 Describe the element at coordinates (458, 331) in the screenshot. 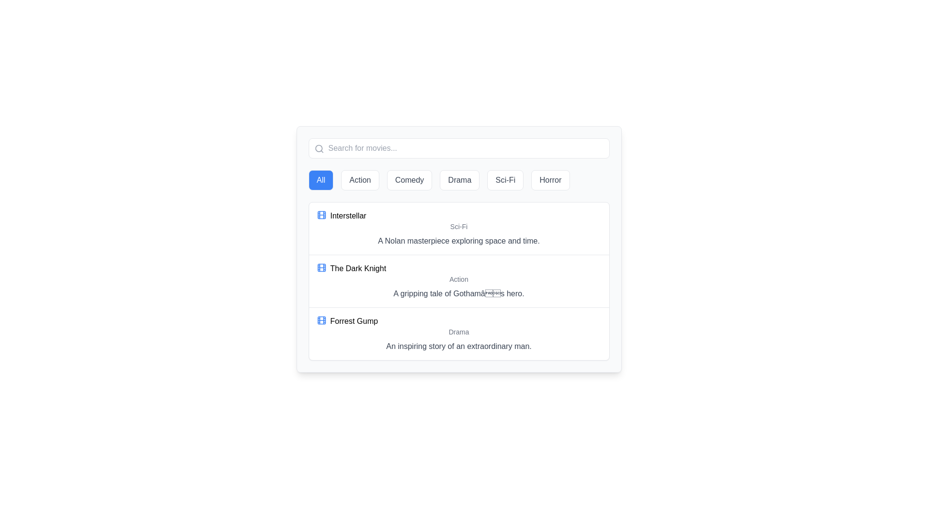

I see `the text element indicating the genre 'Drama' of the movie 'Forrest Gump', which is located beneath the title and above the description text` at that location.